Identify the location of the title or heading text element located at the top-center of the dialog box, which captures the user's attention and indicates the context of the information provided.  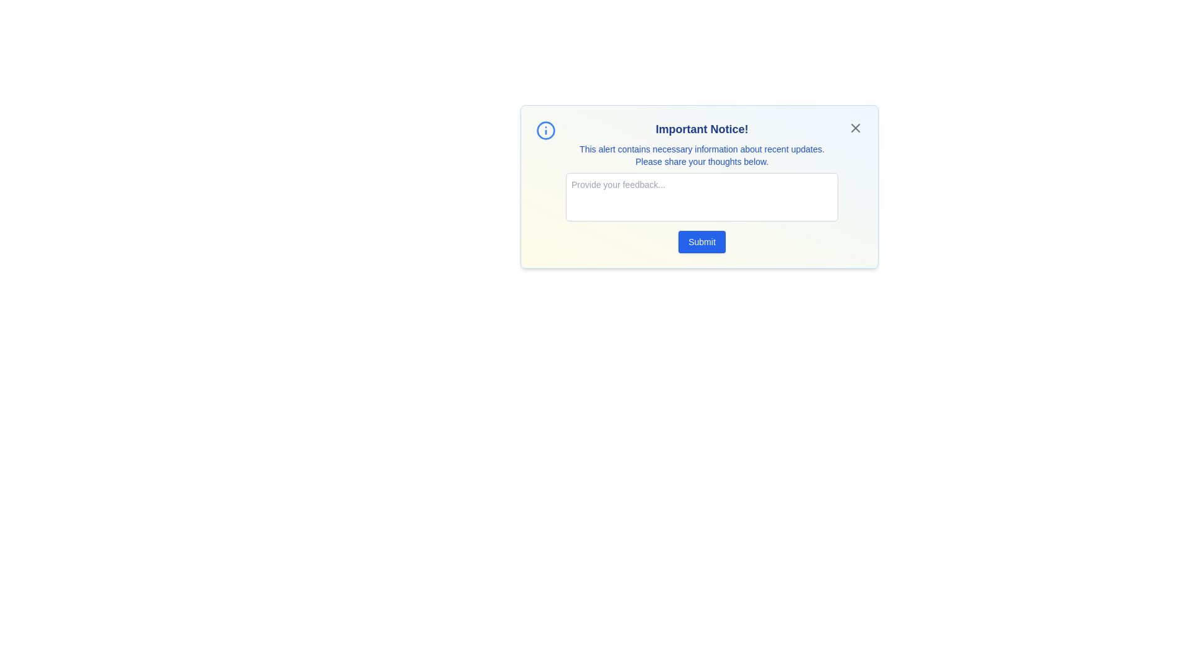
(701, 129).